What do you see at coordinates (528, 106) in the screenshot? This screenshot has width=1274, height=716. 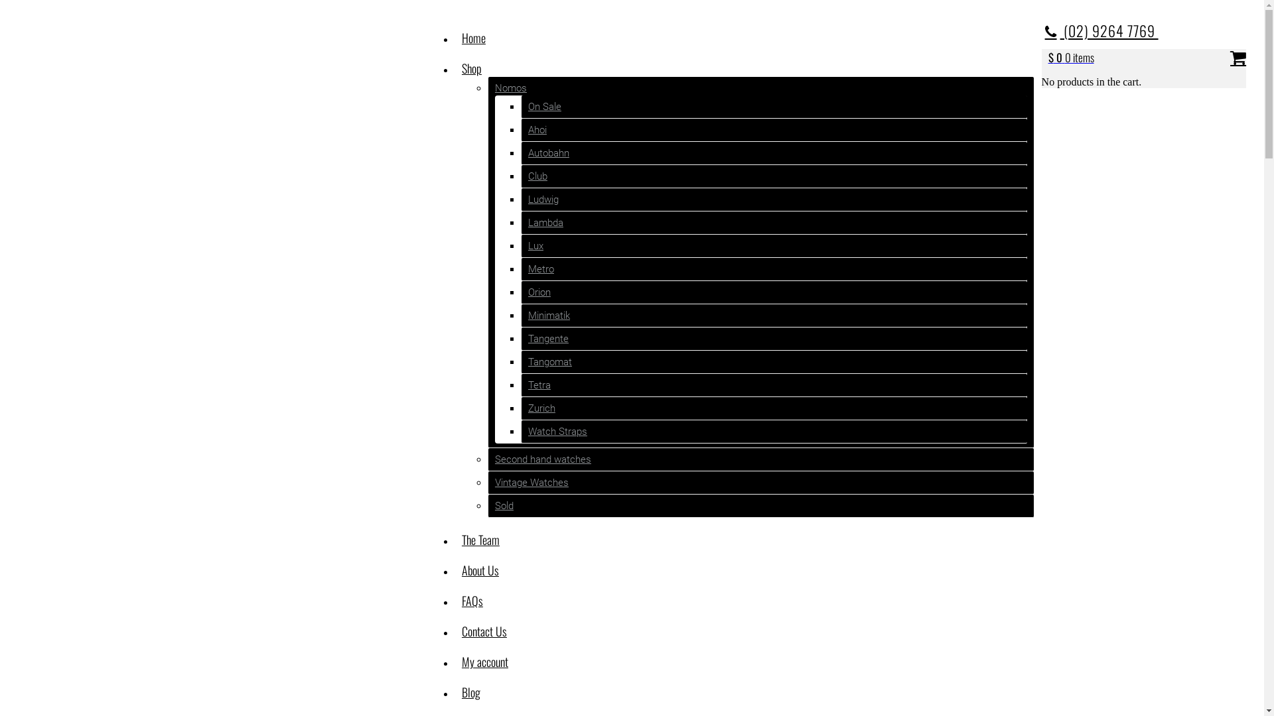 I see `'On Sale'` at bounding box center [528, 106].